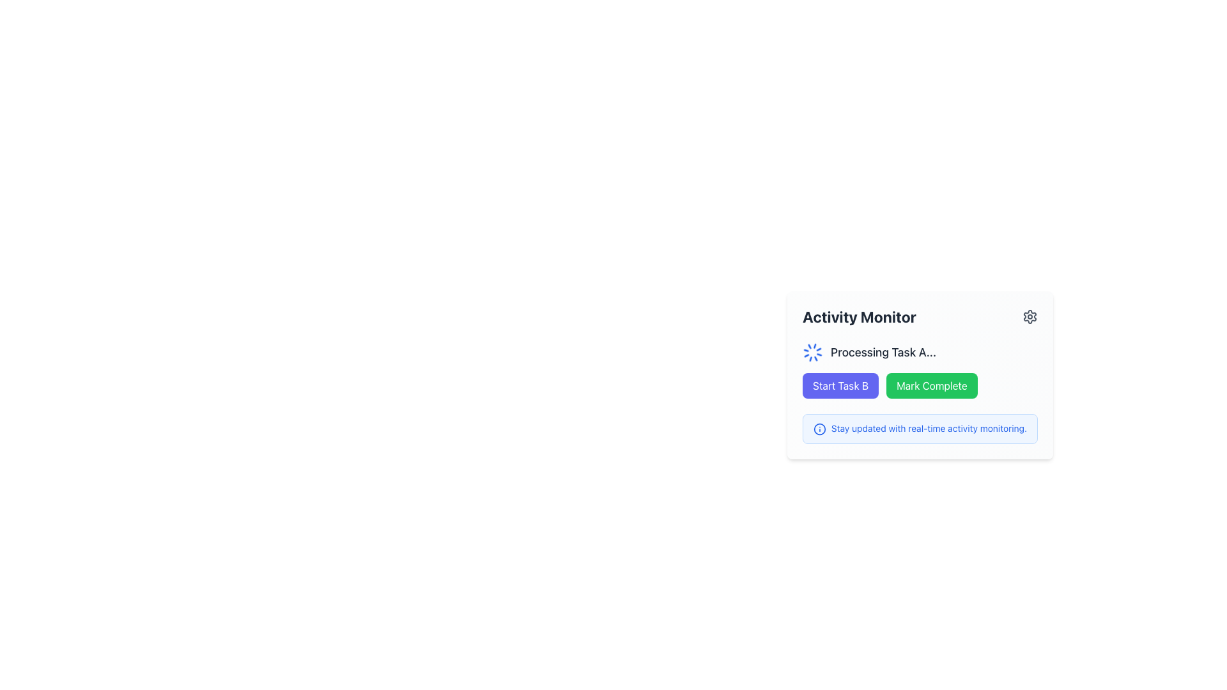 This screenshot has width=1227, height=690. Describe the element at coordinates (932, 385) in the screenshot. I see `the 'Mark Complete' button, which is a green rectangular button with white centered text, located in the 'Activity Monitor' section to the right of the 'Start Task B' button` at that location.